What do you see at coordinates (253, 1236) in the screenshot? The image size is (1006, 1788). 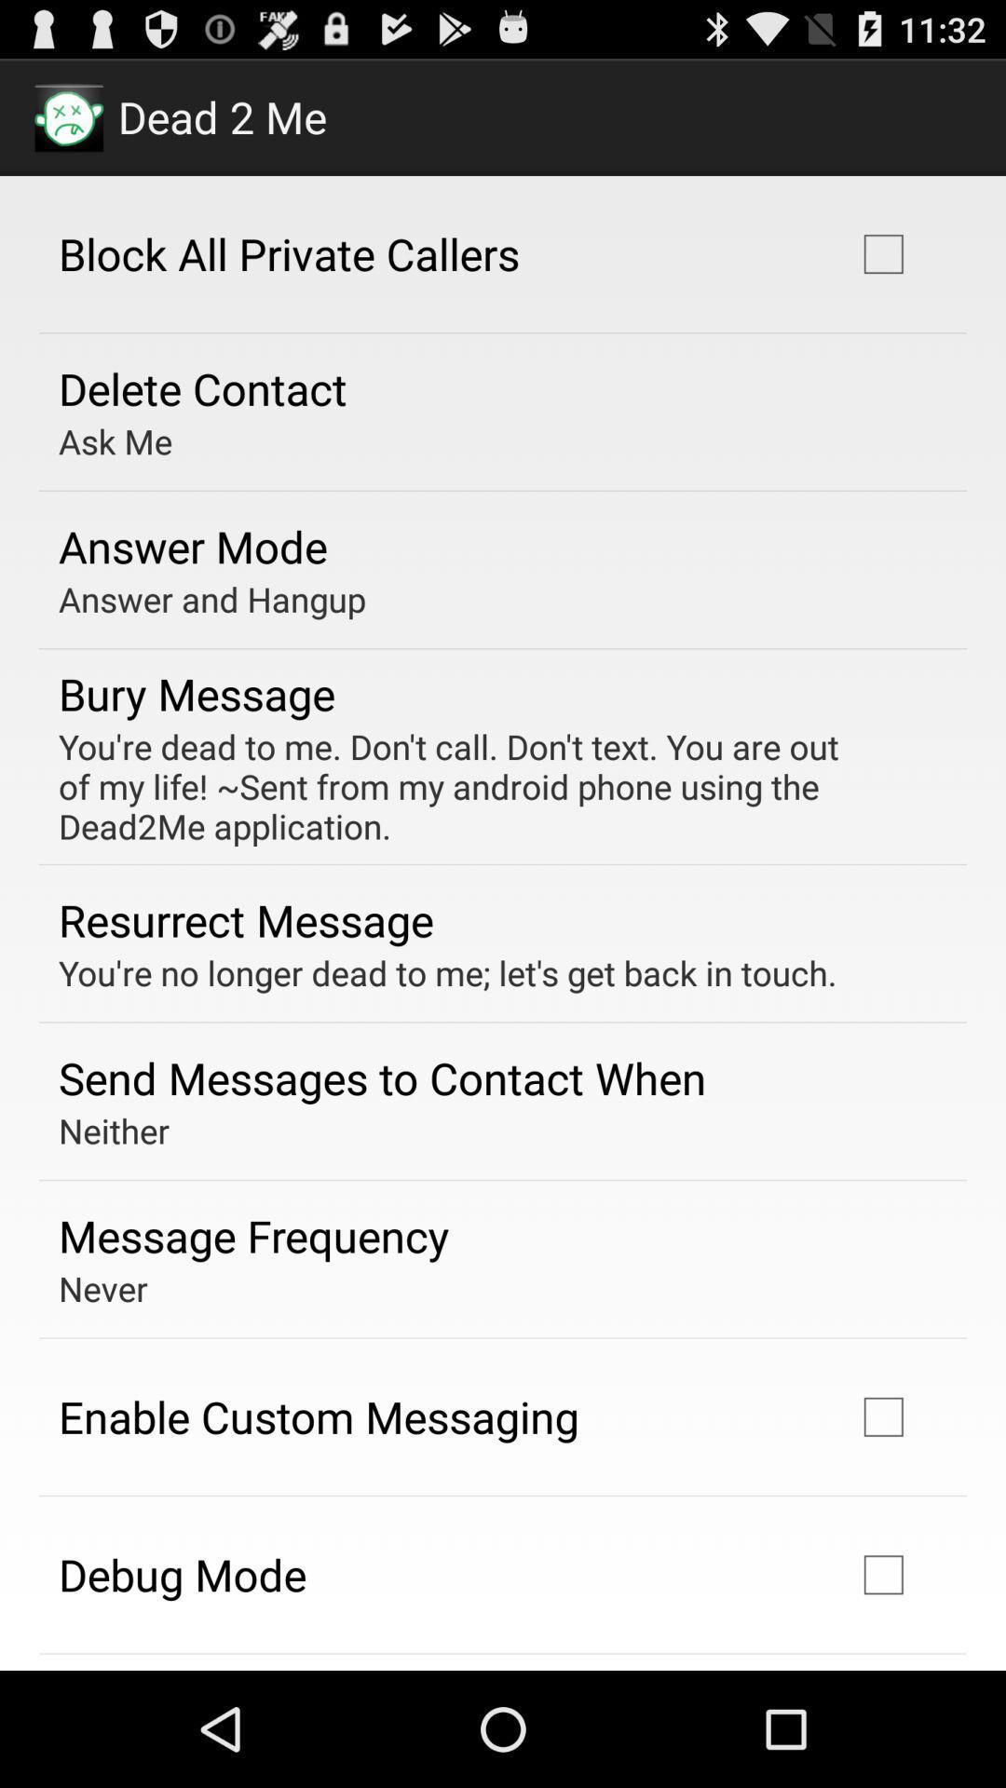 I see `the icon below neither item` at bounding box center [253, 1236].